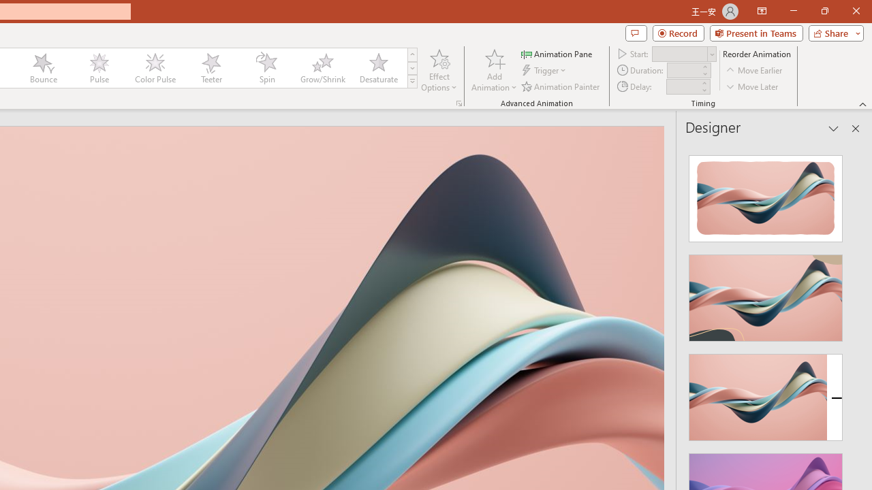 This screenshot has width=872, height=490. I want to click on 'Trigger', so click(545, 70).